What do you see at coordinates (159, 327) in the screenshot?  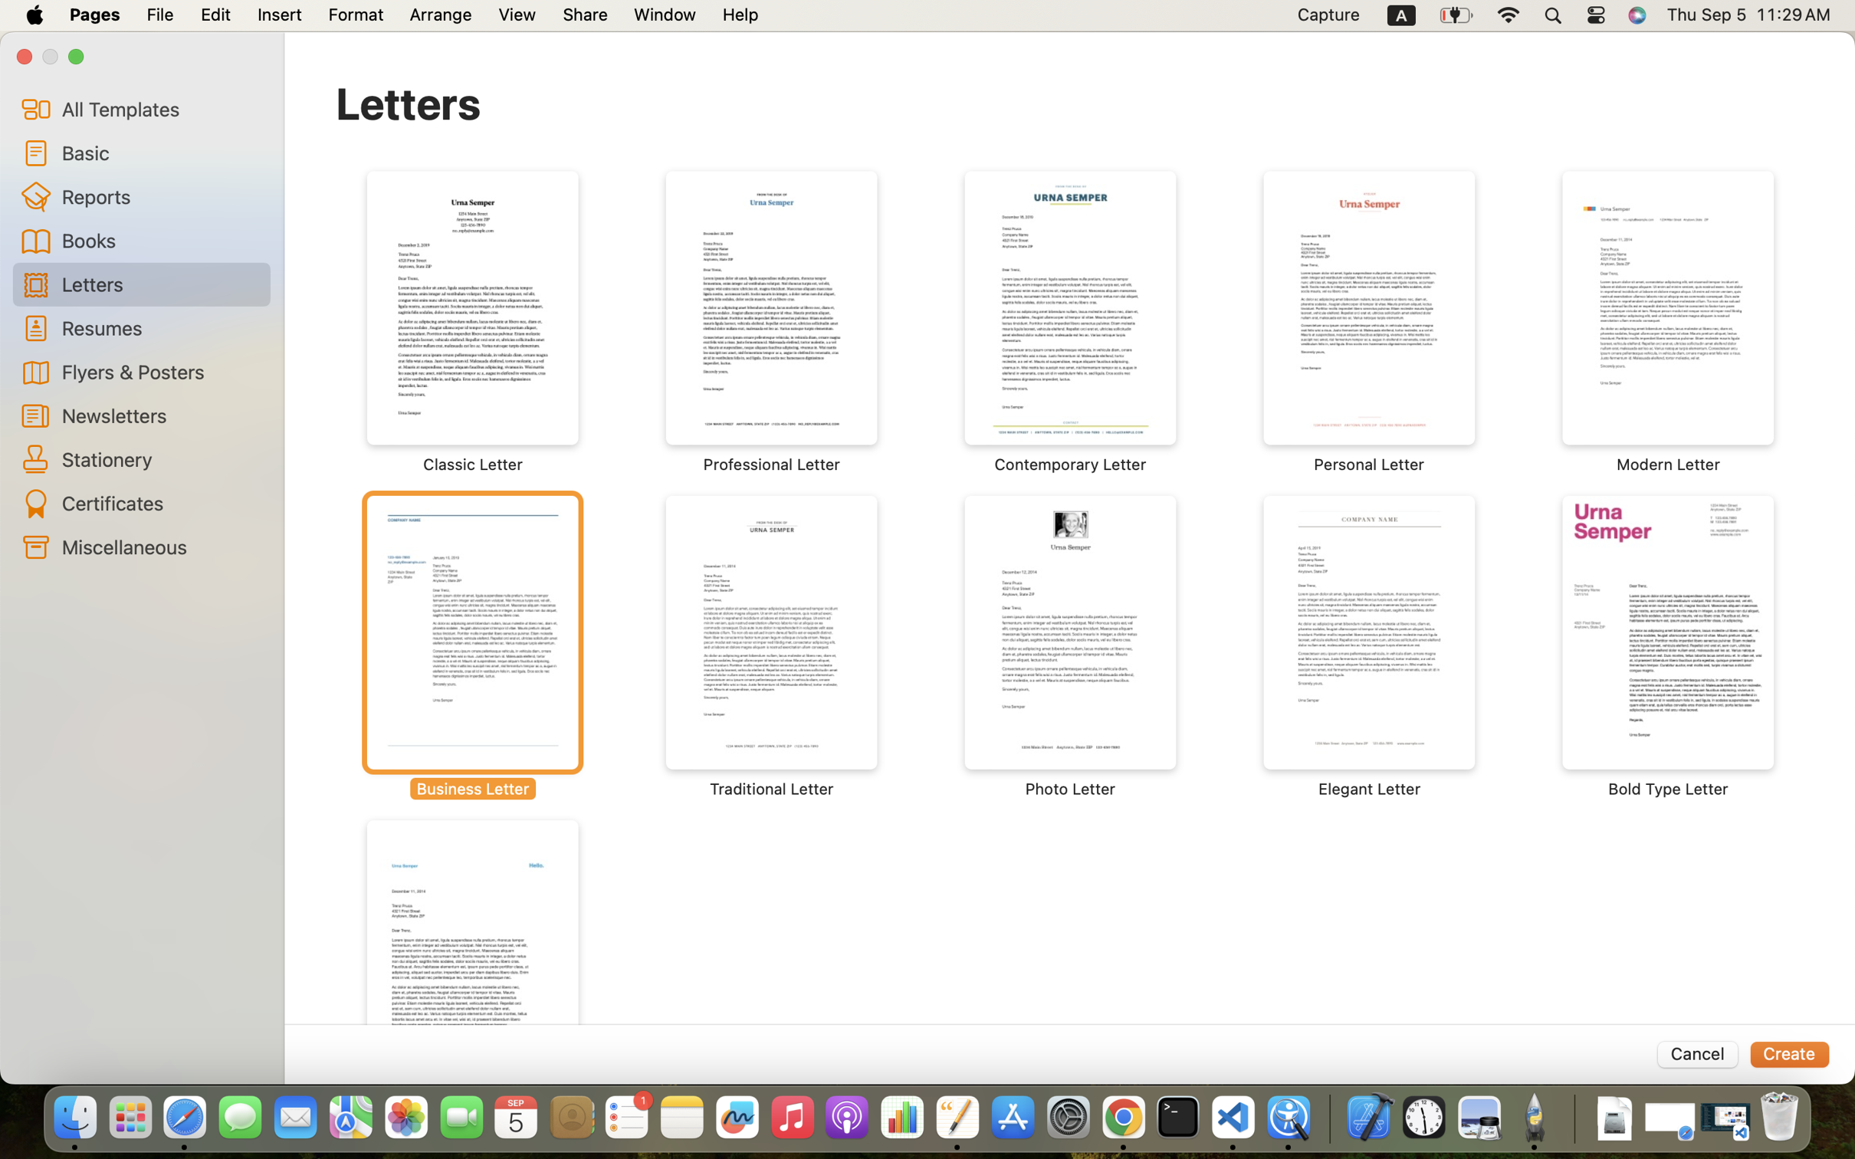 I see `'Resumes'` at bounding box center [159, 327].